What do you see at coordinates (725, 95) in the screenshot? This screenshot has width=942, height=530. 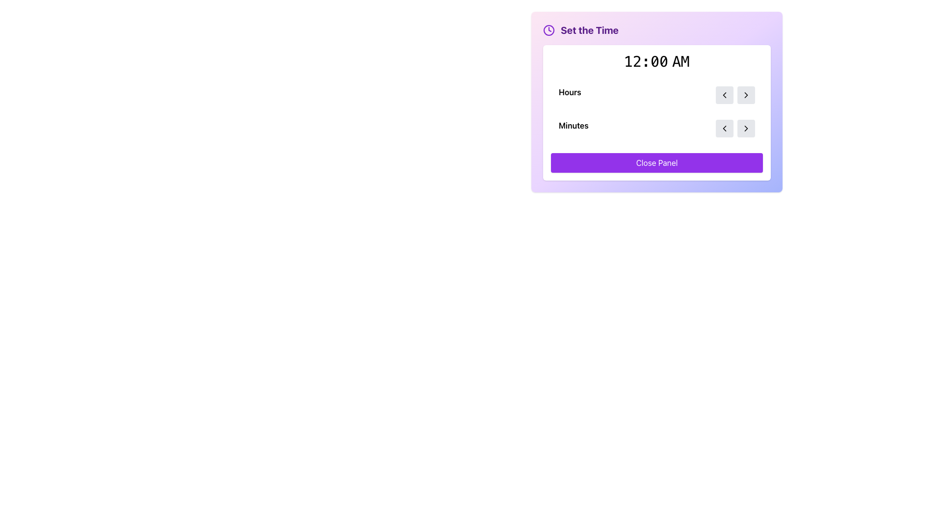 I see `the left-facing SVG arrow icon to decrement the minutes in the time setting panel` at bounding box center [725, 95].